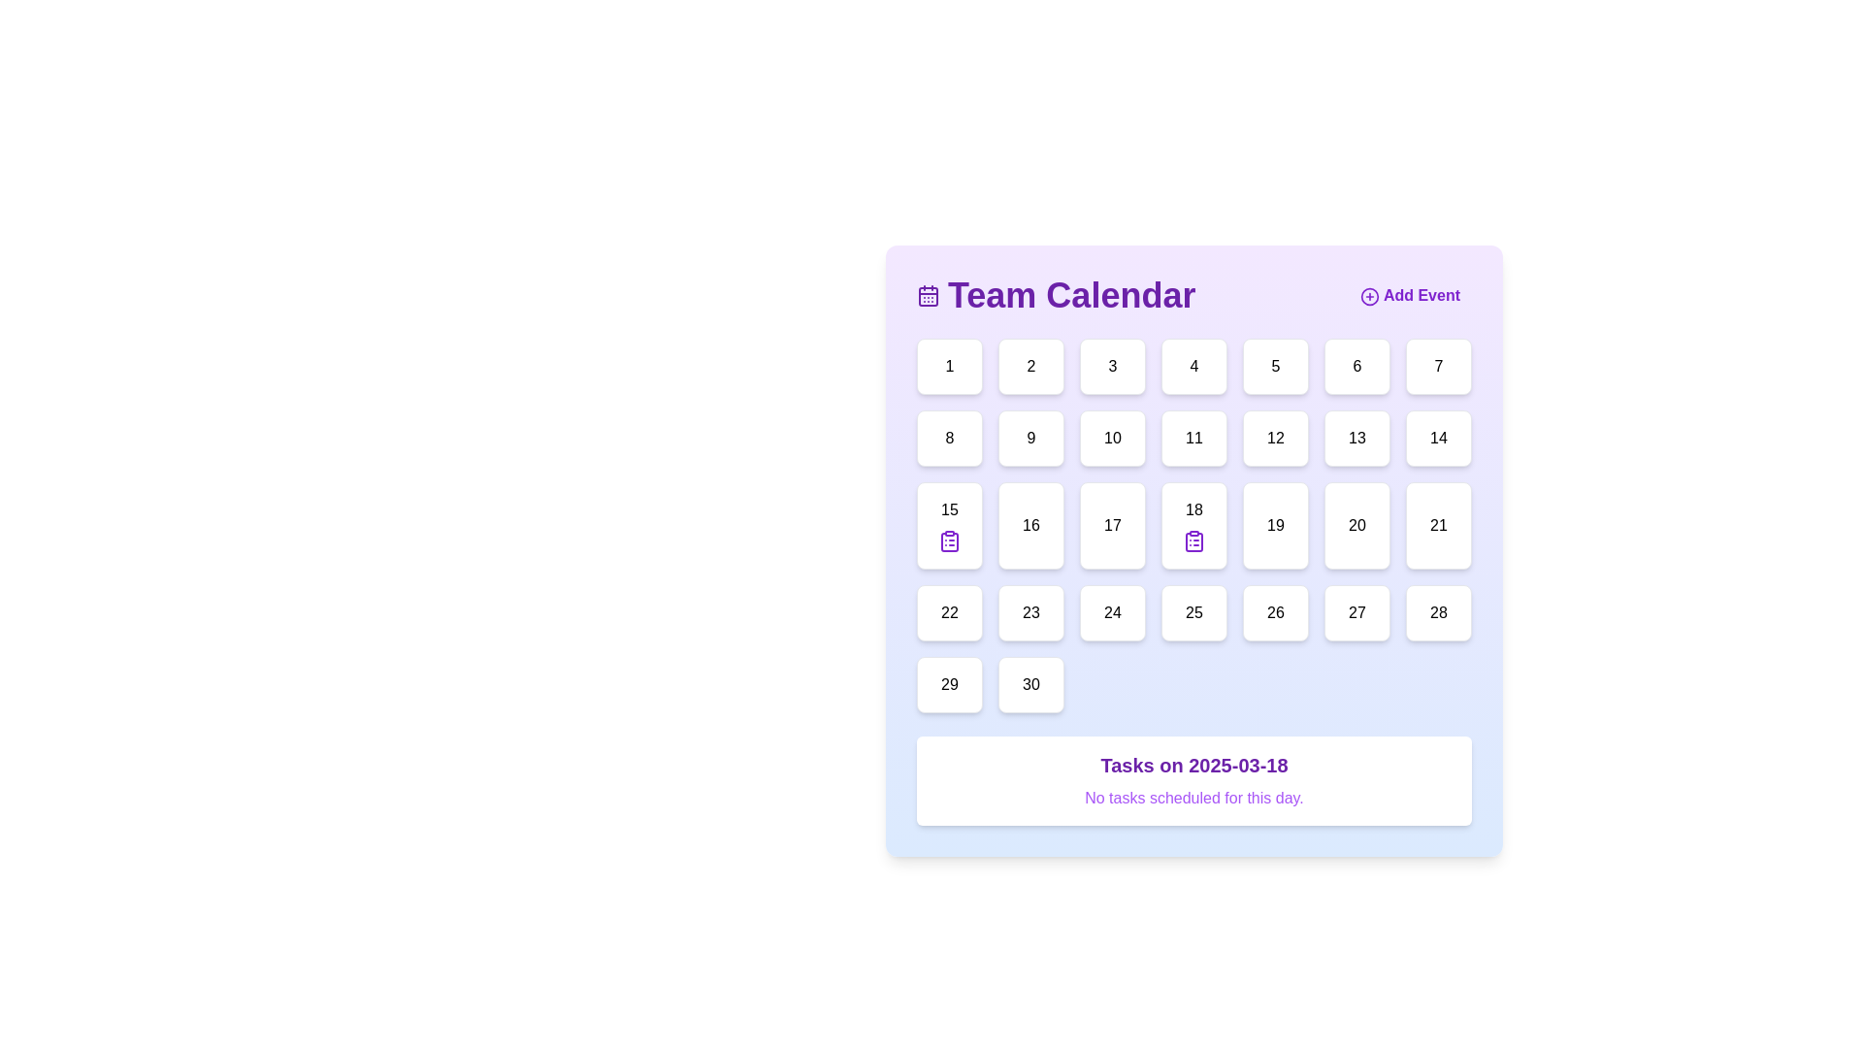 This screenshot has width=1863, height=1048. What do you see at coordinates (950, 438) in the screenshot?
I see `the calendar day button representing the 8th day of the month, located` at bounding box center [950, 438].